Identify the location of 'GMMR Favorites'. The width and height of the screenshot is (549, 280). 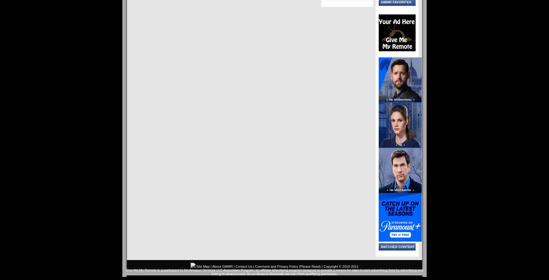
(396, 2).